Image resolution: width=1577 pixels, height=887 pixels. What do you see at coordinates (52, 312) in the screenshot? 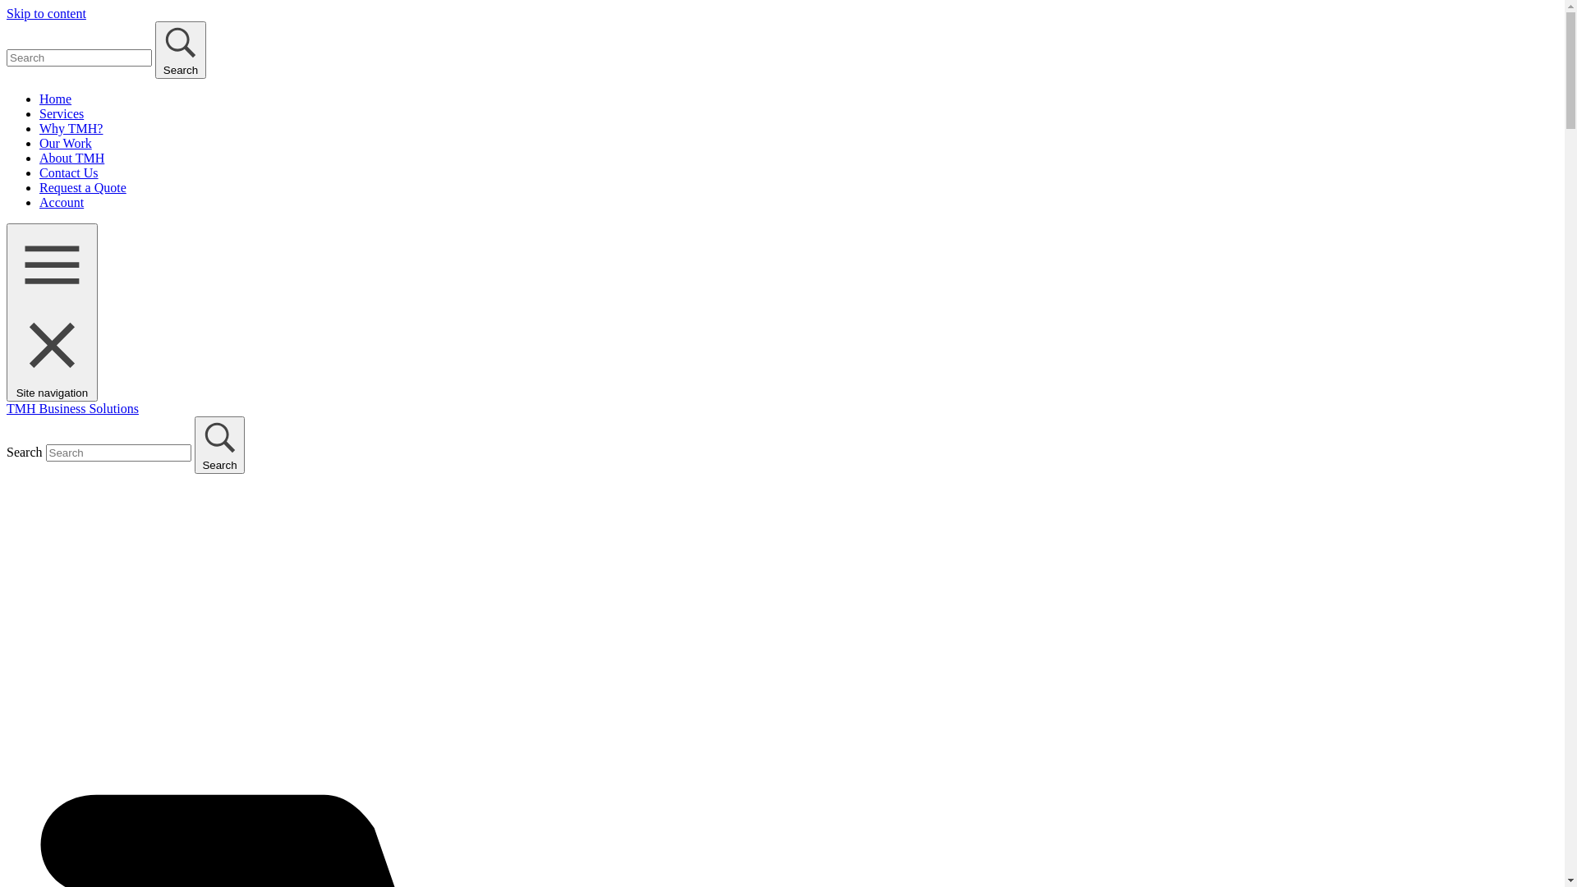
I see `'Site navigation'` at bounding box center [52, 312].